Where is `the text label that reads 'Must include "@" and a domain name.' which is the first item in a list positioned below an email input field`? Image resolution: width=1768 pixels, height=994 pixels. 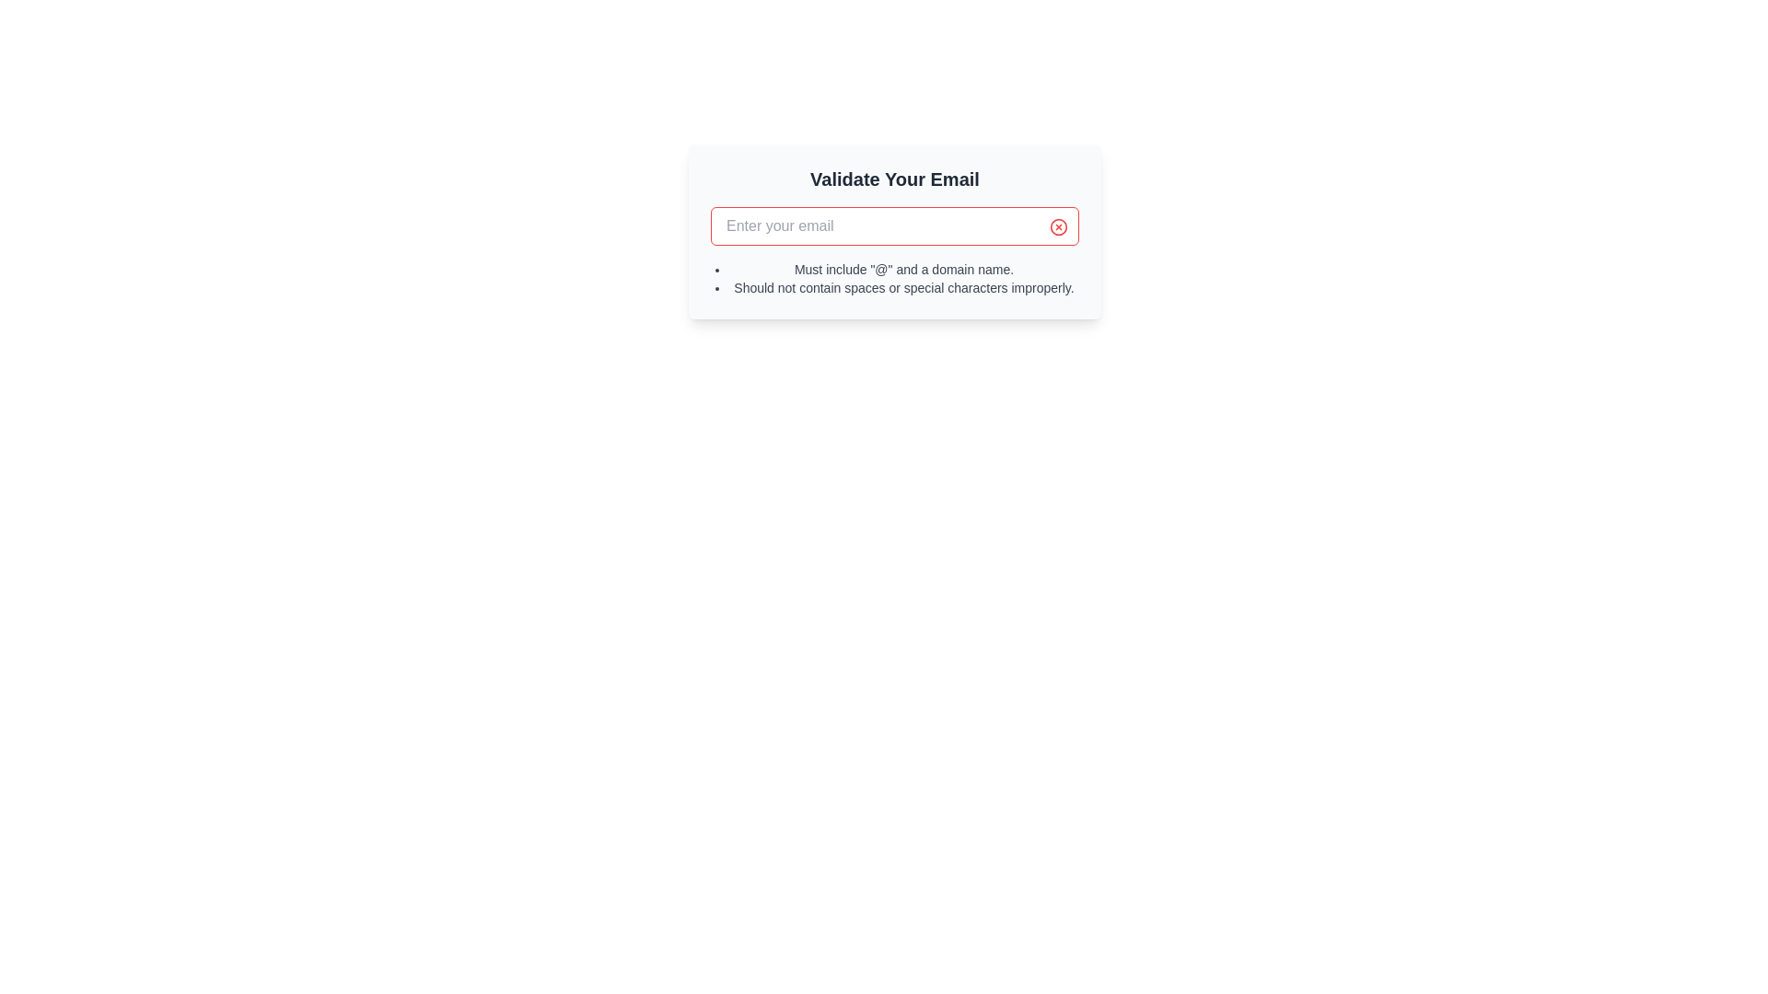 the text label that reads 'Must include "@" and a domain name.' which is the first item in a list positioned below an email input field is located at coordinates (904, 270).